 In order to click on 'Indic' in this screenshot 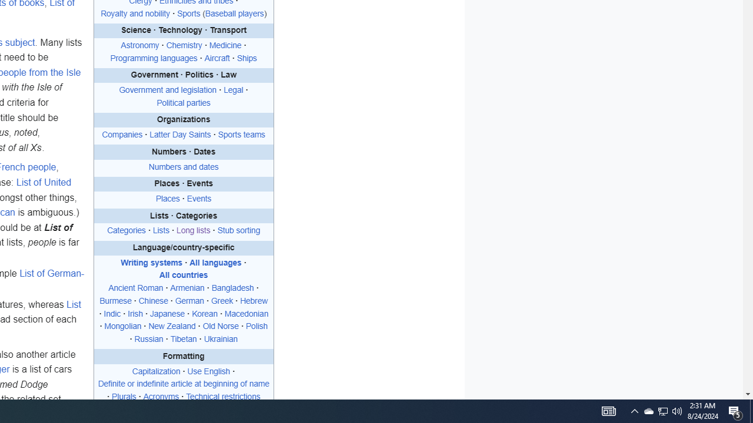, I will do `click(112, 313)`.